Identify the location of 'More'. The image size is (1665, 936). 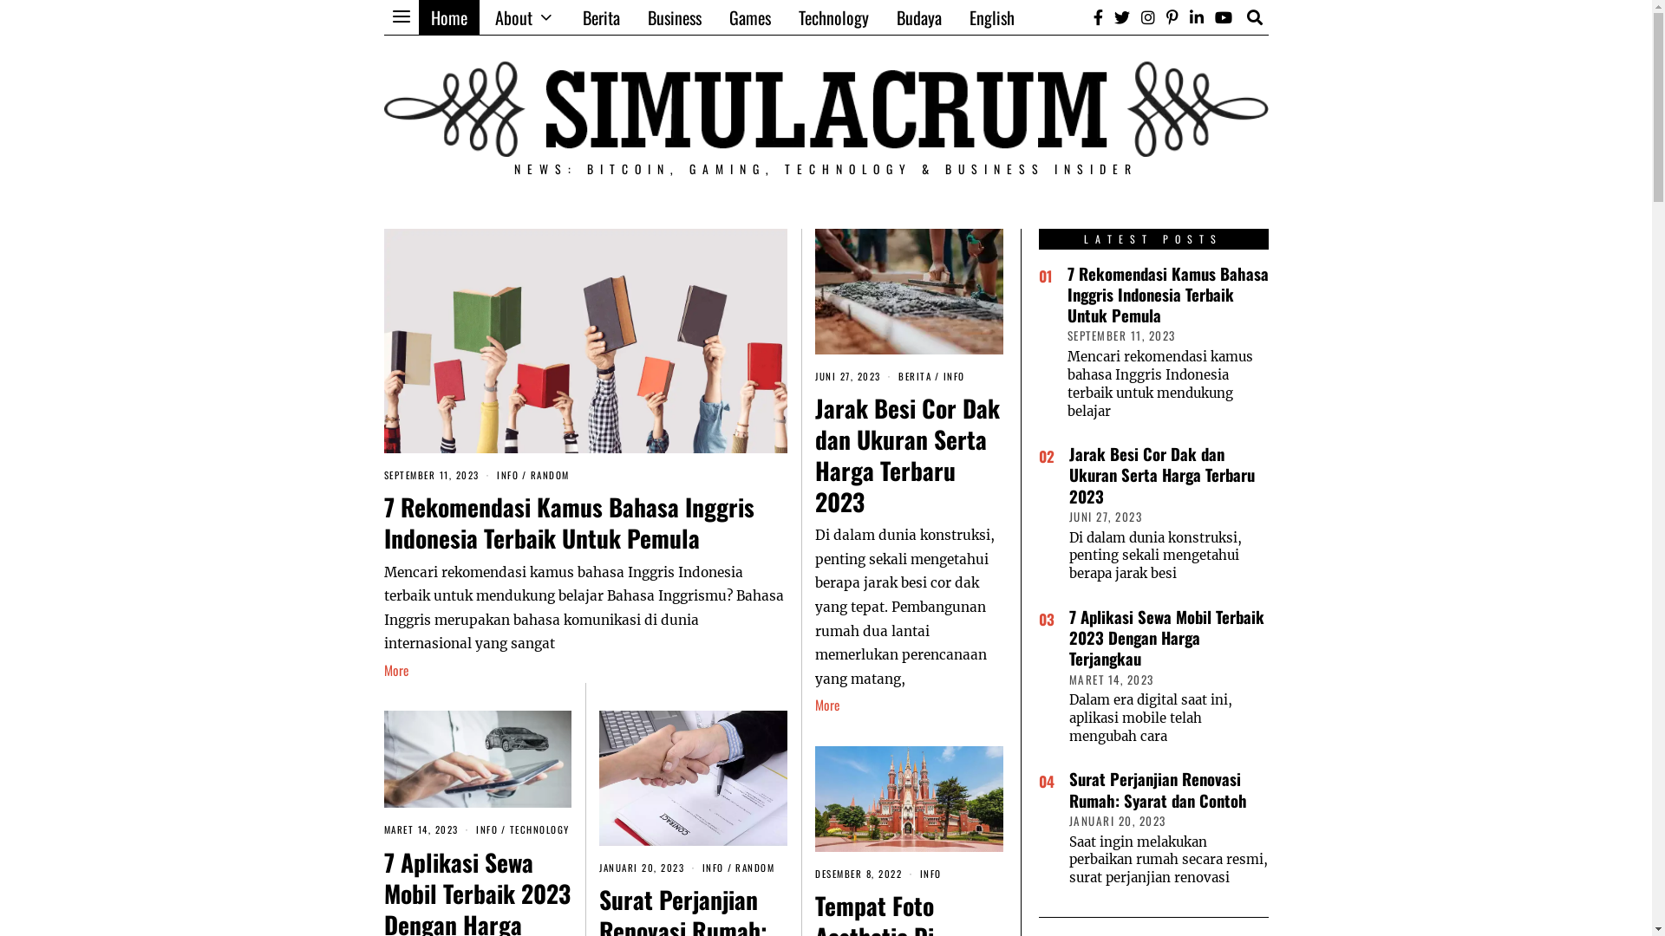
(395, 670).